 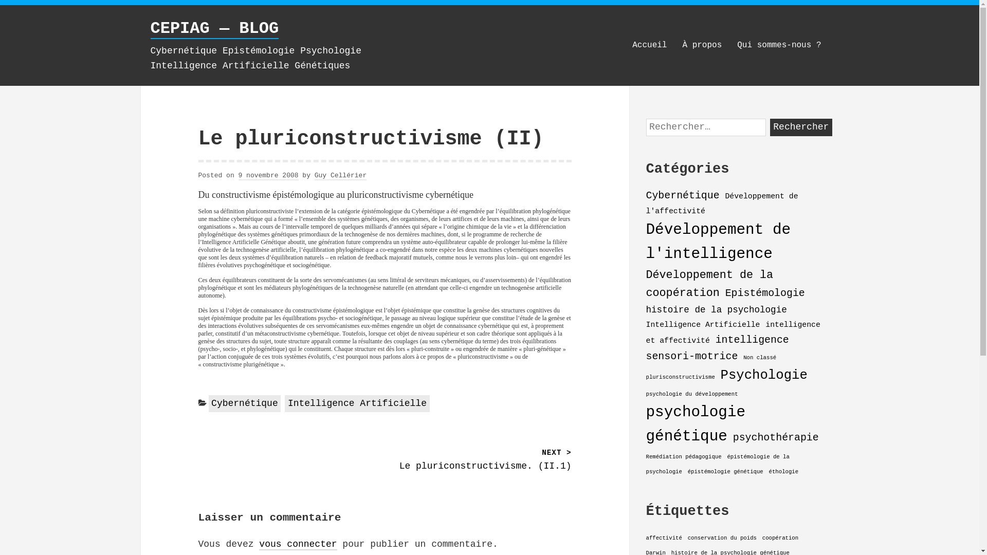 What do you see at coordinates (649, 45) in the screenshot?
I see `'Accueil'` at bounding box center [649, 45].